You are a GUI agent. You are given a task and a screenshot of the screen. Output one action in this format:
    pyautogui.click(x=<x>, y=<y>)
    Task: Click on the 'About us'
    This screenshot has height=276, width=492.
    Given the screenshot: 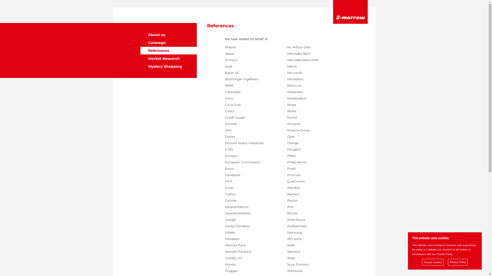 What is the action you would take?
    pyautogui.click(x=168, y=34)
    